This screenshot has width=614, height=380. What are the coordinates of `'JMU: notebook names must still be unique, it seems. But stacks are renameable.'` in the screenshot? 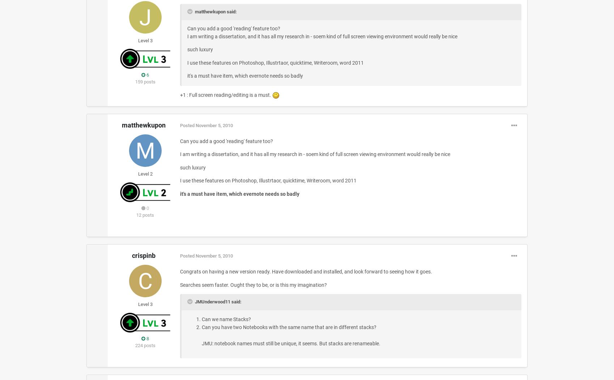 It's located at (290, 342).